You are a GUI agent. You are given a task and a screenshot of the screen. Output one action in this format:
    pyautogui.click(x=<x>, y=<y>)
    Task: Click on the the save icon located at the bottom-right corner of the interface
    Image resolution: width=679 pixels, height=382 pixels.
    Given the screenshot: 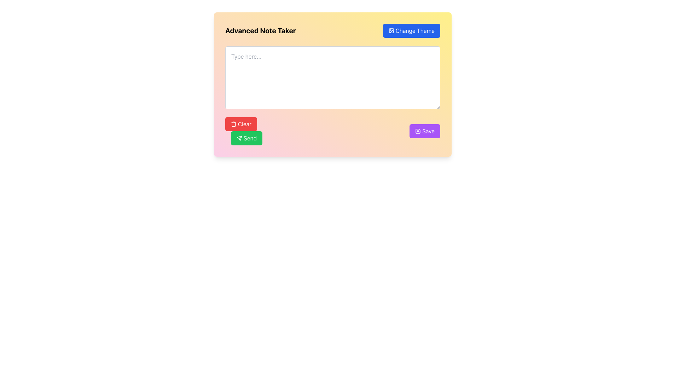 What is the action you would take?
    pyautogui.click(x=418, y=131)
    